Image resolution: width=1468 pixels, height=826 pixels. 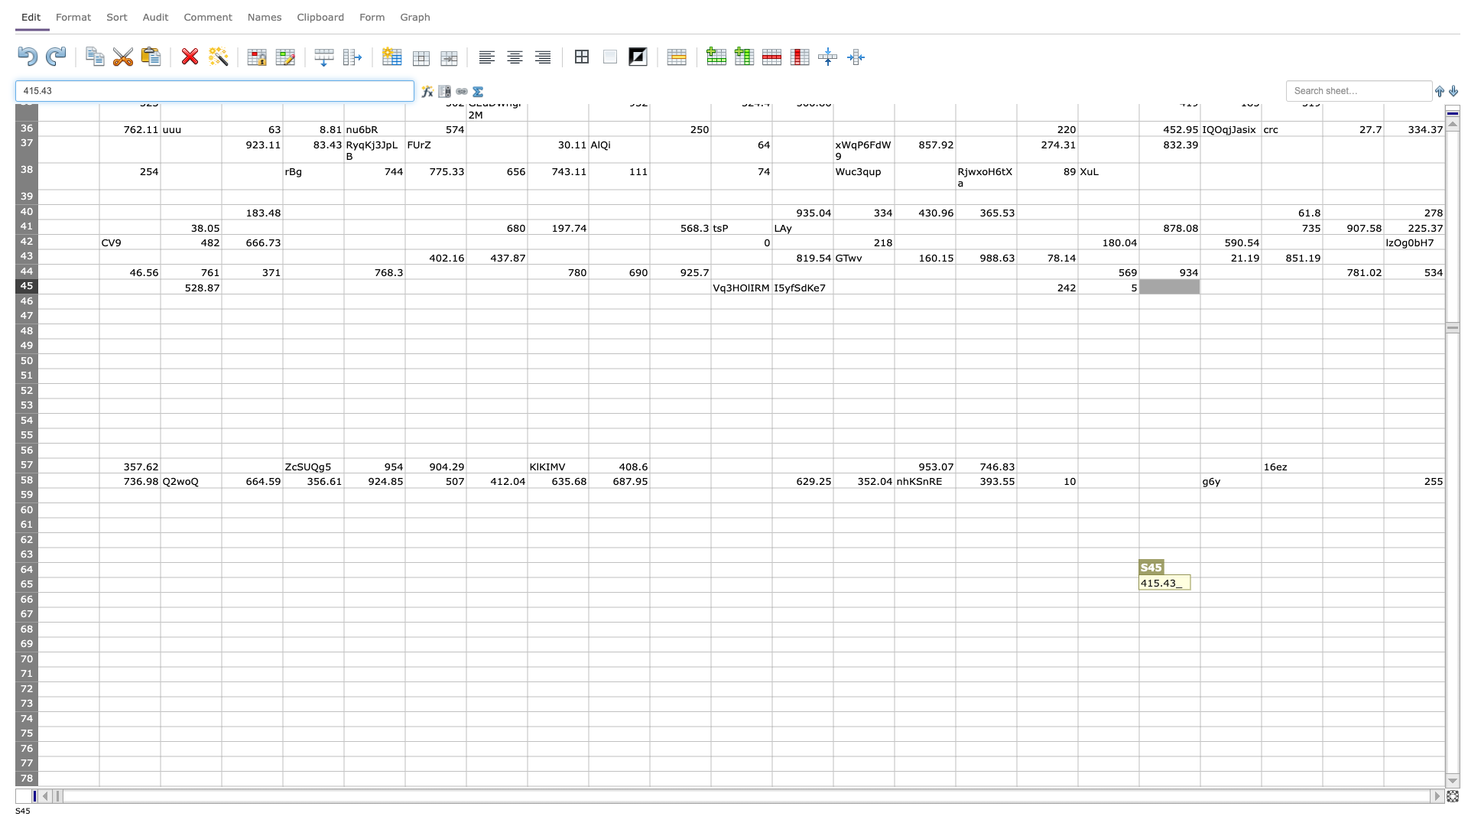 I want to click on Fill handle point of U-65, so click(x=1321, y=591).